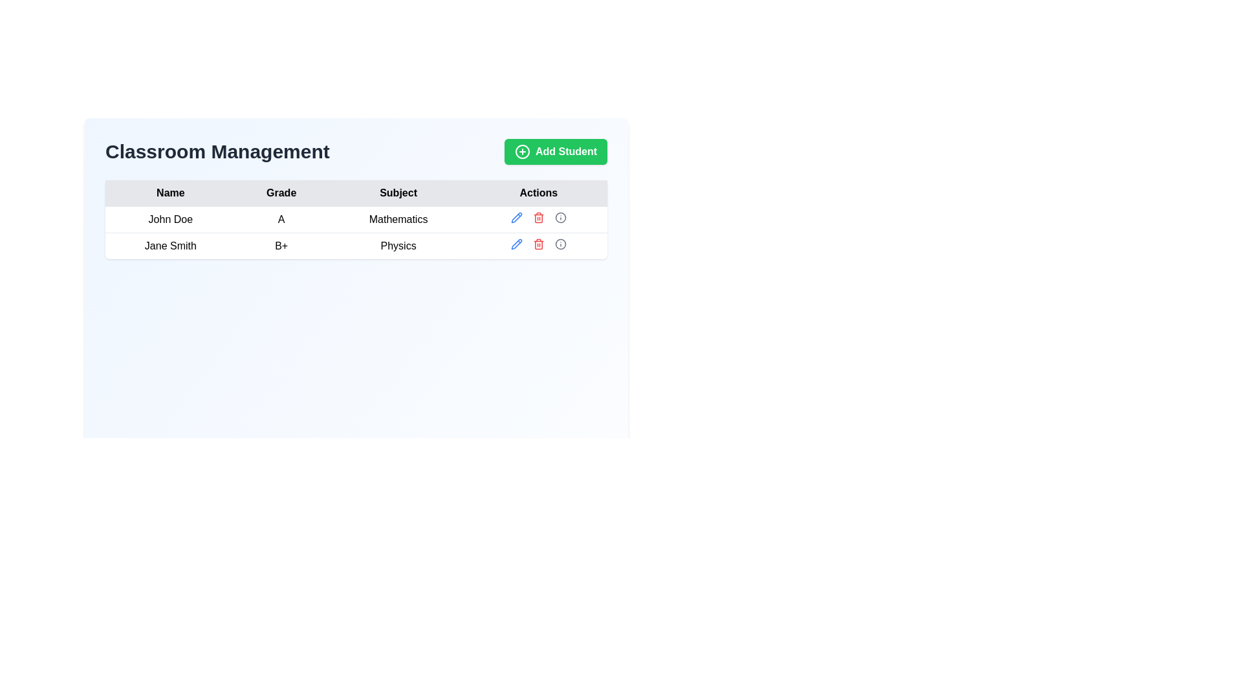 Image resolution: width=1242 pixels, height=698 pixels. What do you see at coordinates (560, 217) in the screenshot?
I see `the information icon located in the second table row beneath the 'Actions' column` at bounding box center [560, 217].